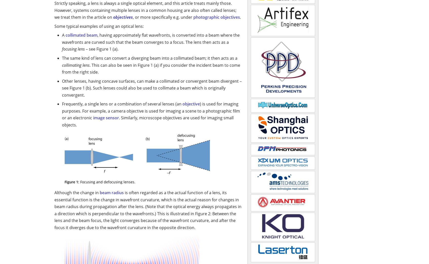 The height and width of the screenshot is (264, 429). I want to click on 'photographic objectives', so click(216, 17).